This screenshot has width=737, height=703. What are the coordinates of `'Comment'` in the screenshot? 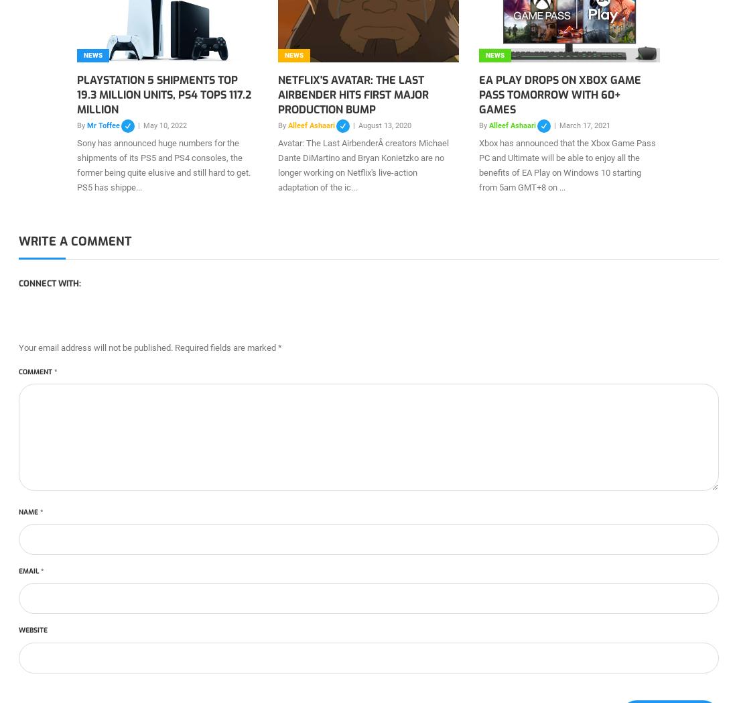 It's located at (35, 370).